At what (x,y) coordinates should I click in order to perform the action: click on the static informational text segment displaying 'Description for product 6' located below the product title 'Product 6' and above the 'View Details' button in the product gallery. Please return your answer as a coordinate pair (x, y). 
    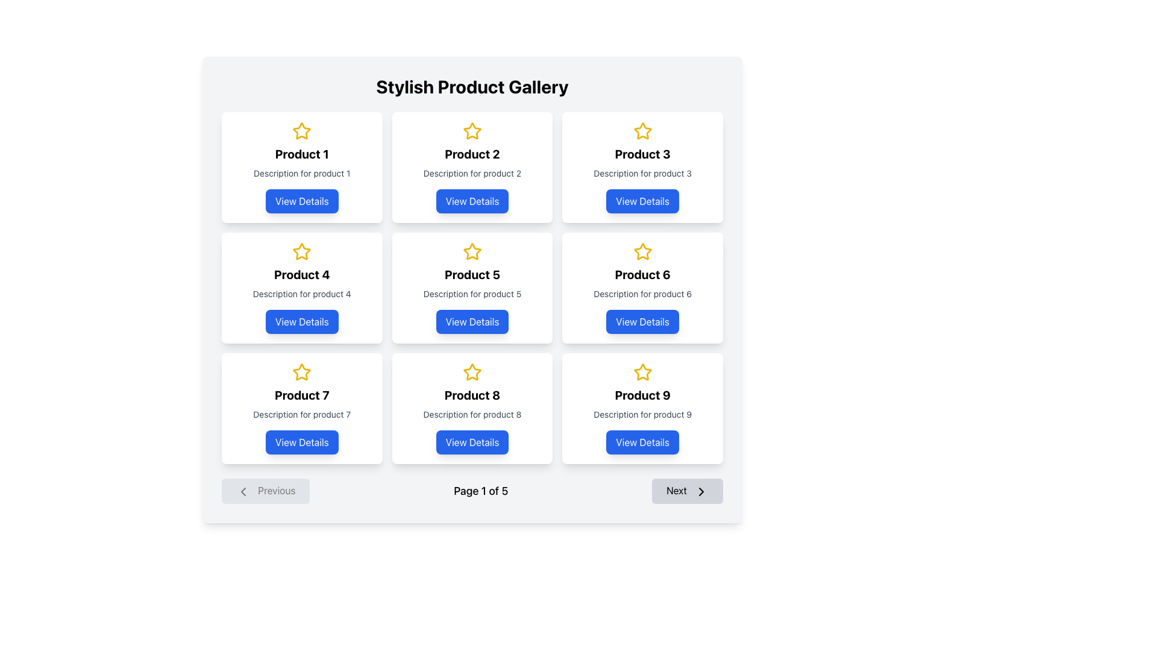
    Looking at the image, I should click on (642, 294).